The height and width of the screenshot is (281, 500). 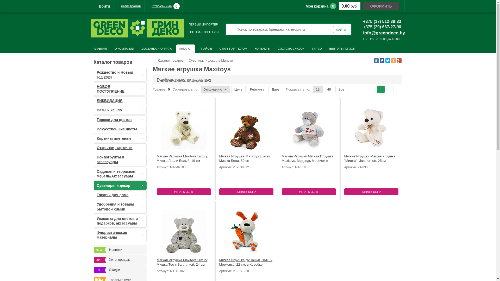 I want to click on 'Facebook', so click(x=382, y=60).